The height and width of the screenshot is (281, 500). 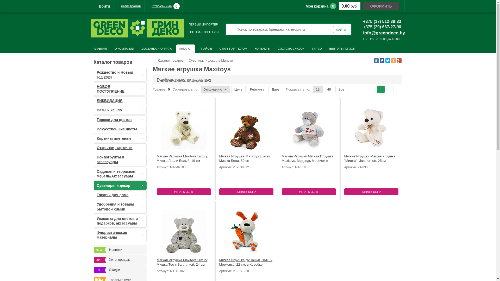 I want to click on 'Facebook', so click(x=382, y=60).